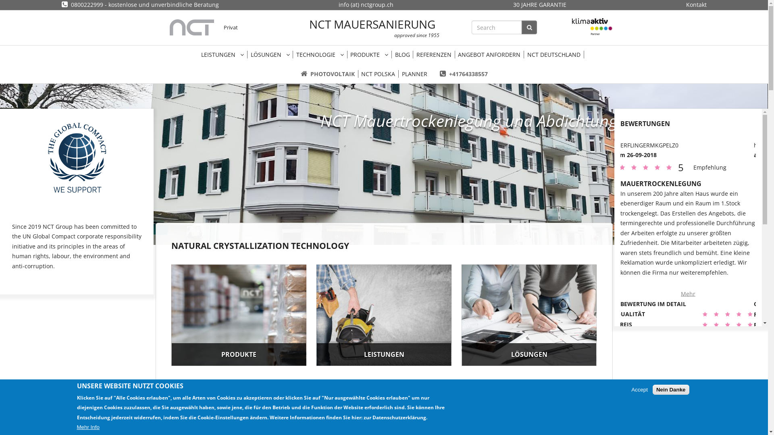 The height and width of the screenshot is (435, 774). Describe the element at coordinates (639, 389) in the screenshot. I see `'Accept'` at that location.